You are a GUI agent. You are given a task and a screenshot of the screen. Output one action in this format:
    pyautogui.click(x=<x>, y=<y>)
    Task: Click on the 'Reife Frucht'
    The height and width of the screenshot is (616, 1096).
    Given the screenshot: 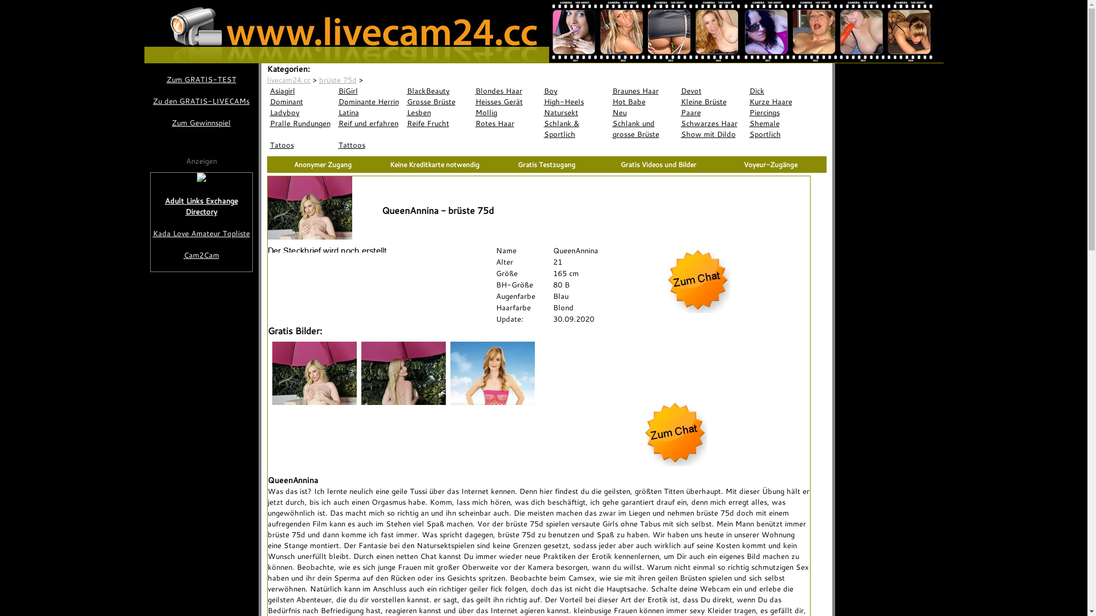 What is the action you would take?
    pyautogui.click(x=404, y=123)
    